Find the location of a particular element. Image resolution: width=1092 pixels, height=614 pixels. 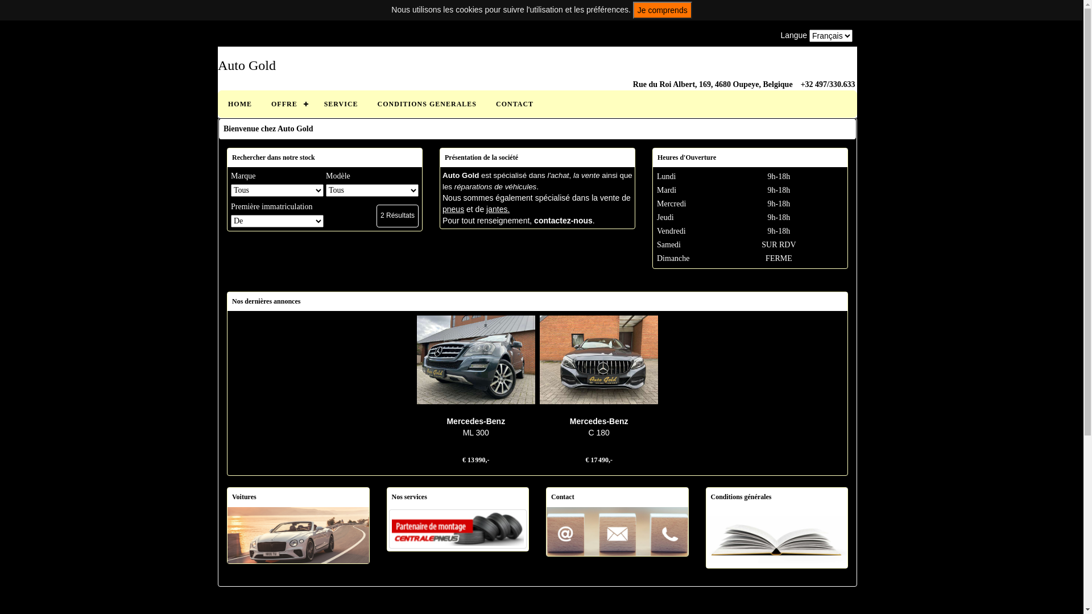

'Voitures is located at coordinates (298, 534).